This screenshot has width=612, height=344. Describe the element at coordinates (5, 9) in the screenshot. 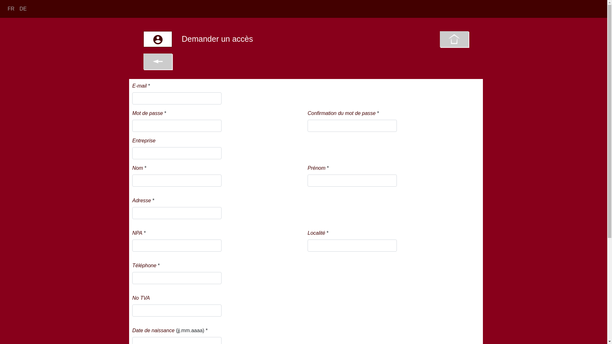

I see `'FR'` at that location.